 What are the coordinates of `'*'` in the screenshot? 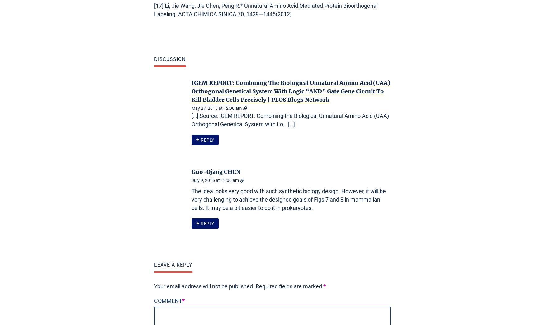 It's located at (324, 286).